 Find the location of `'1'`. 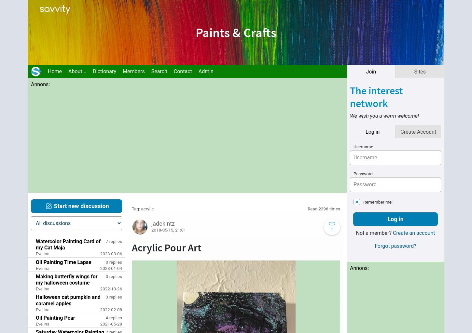

'1' is located at coordinates (332, 229).